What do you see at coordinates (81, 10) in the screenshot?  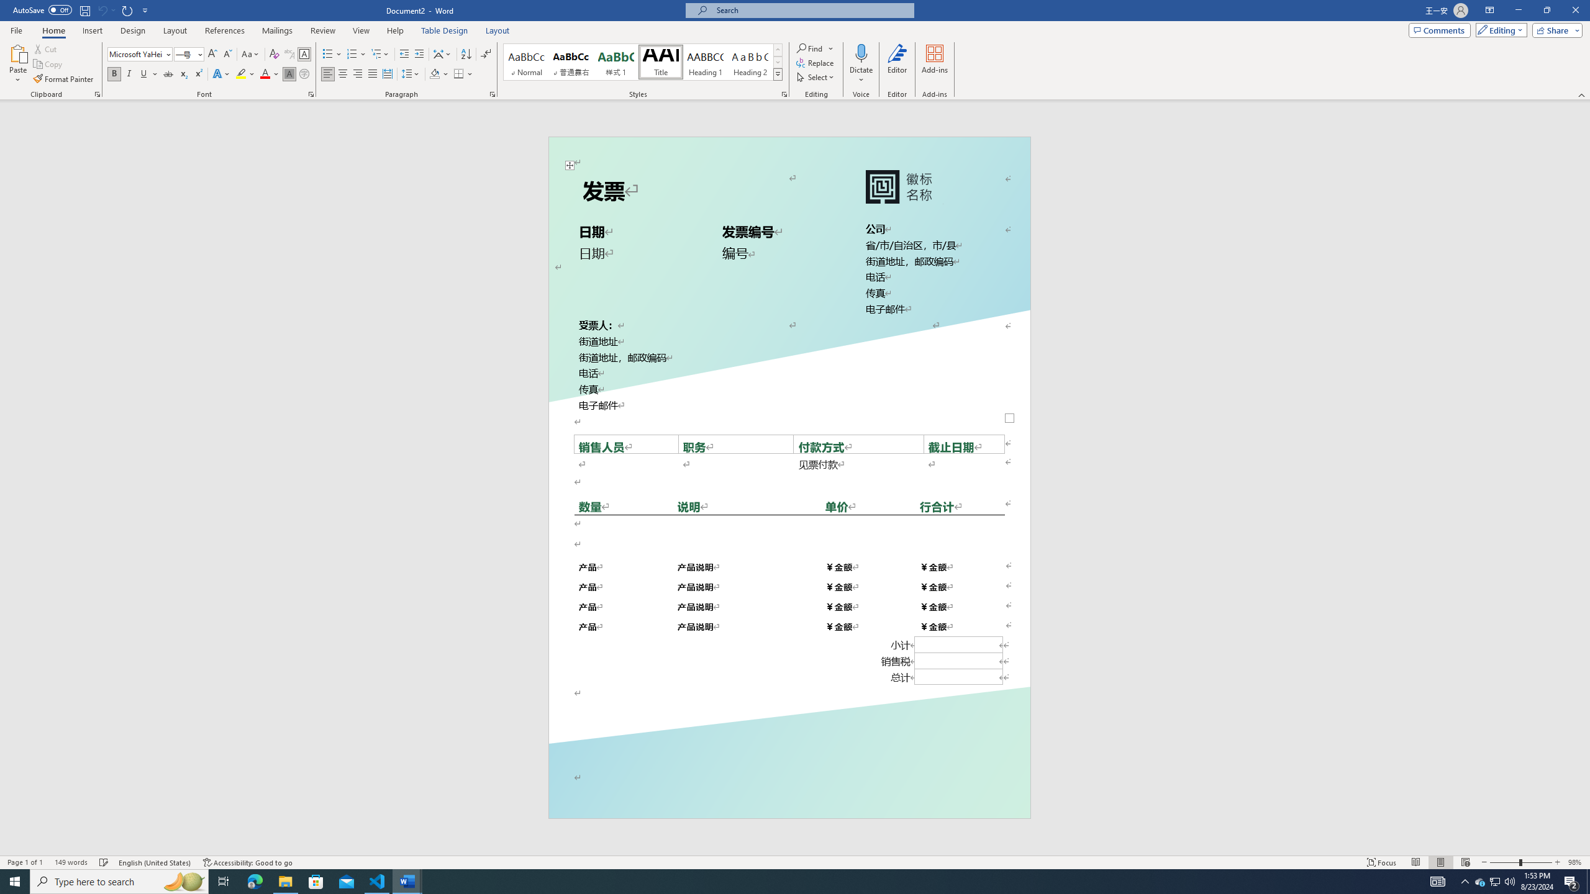 I see `'Quick Access Toolbar'` at bounding box center [81, 10].